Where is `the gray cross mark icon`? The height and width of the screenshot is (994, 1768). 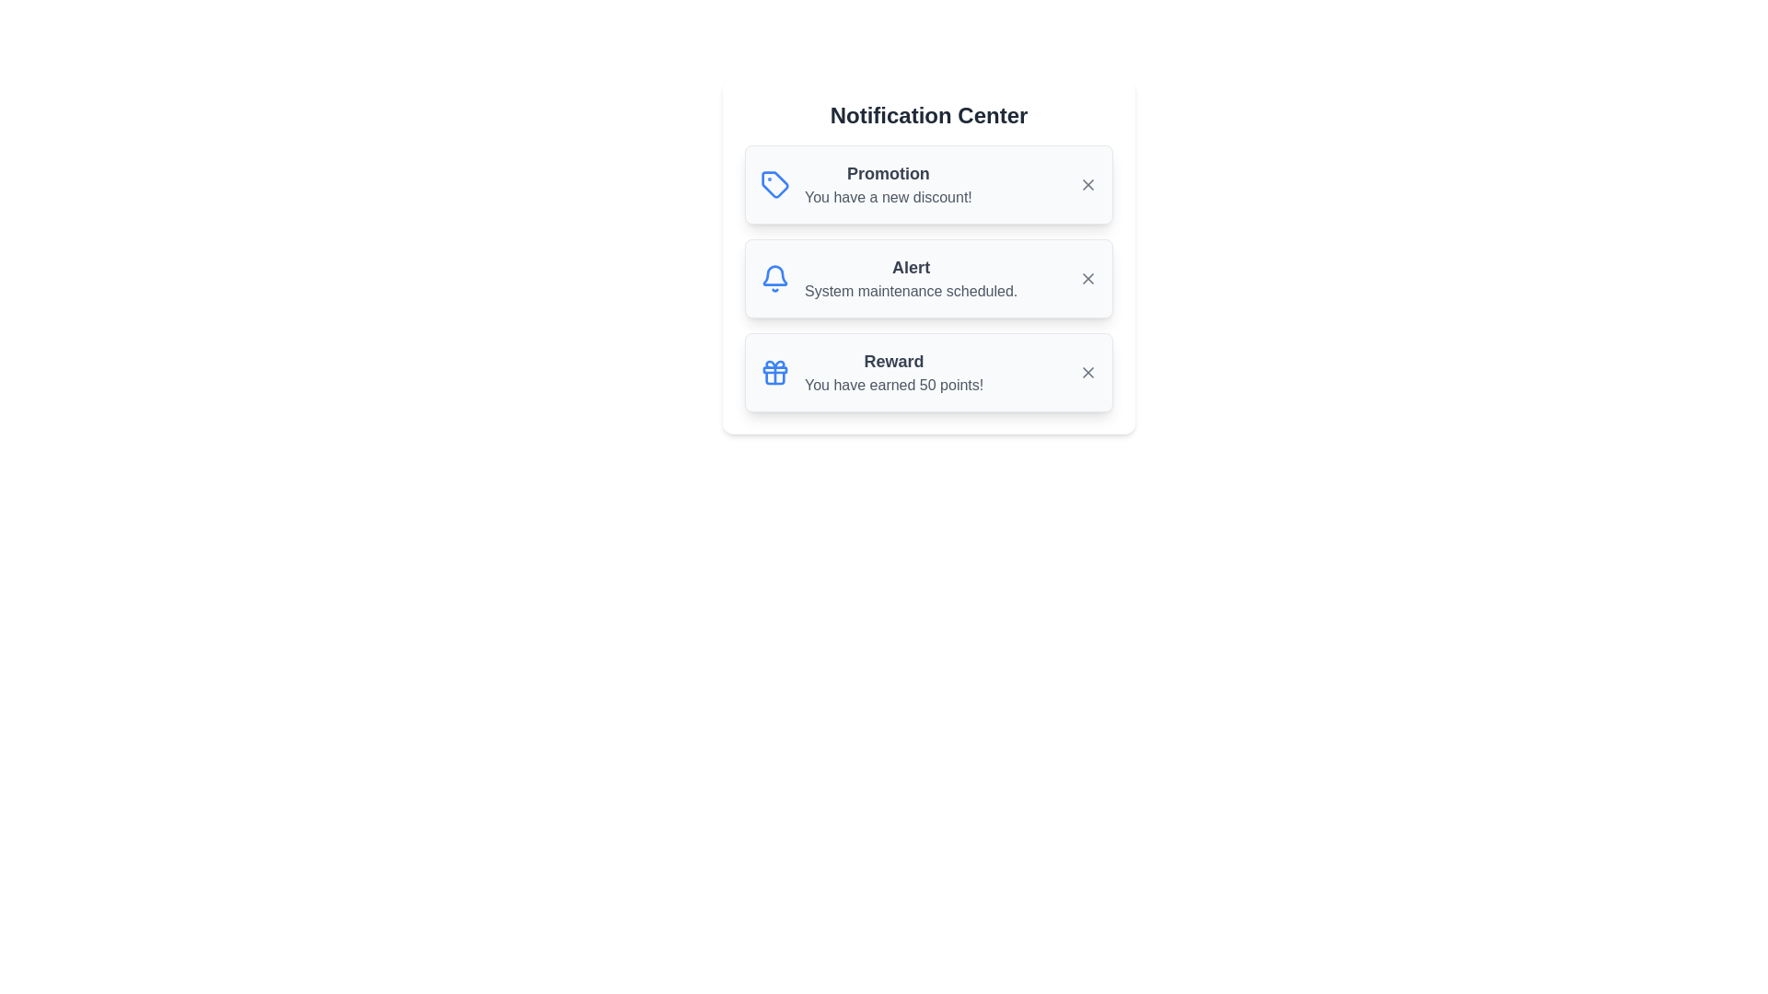
the gray cross mark icon is located at coordinates (1088, 373).